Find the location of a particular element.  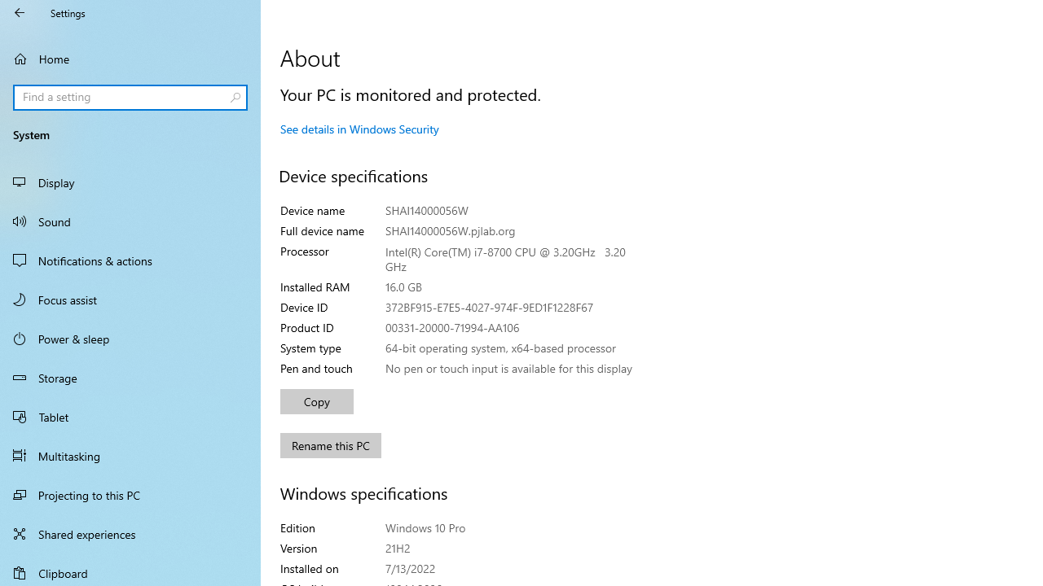

'Sound' is located at coordinates (130, 221).